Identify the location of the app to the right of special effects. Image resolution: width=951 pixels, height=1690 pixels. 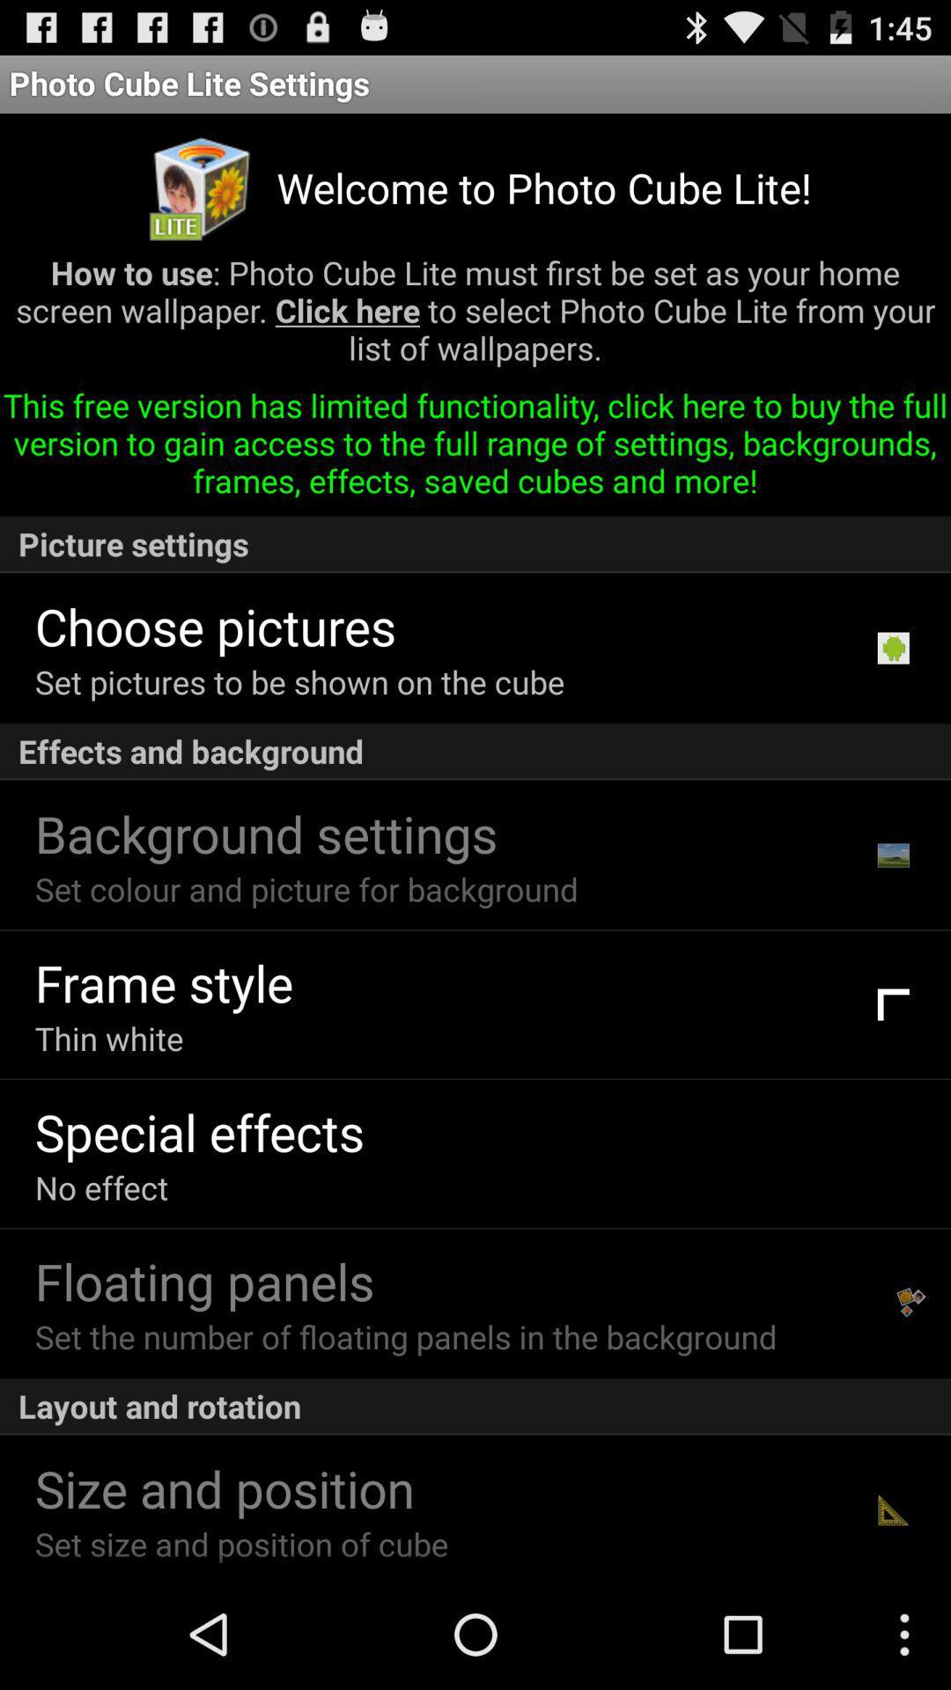
(893, 1153).